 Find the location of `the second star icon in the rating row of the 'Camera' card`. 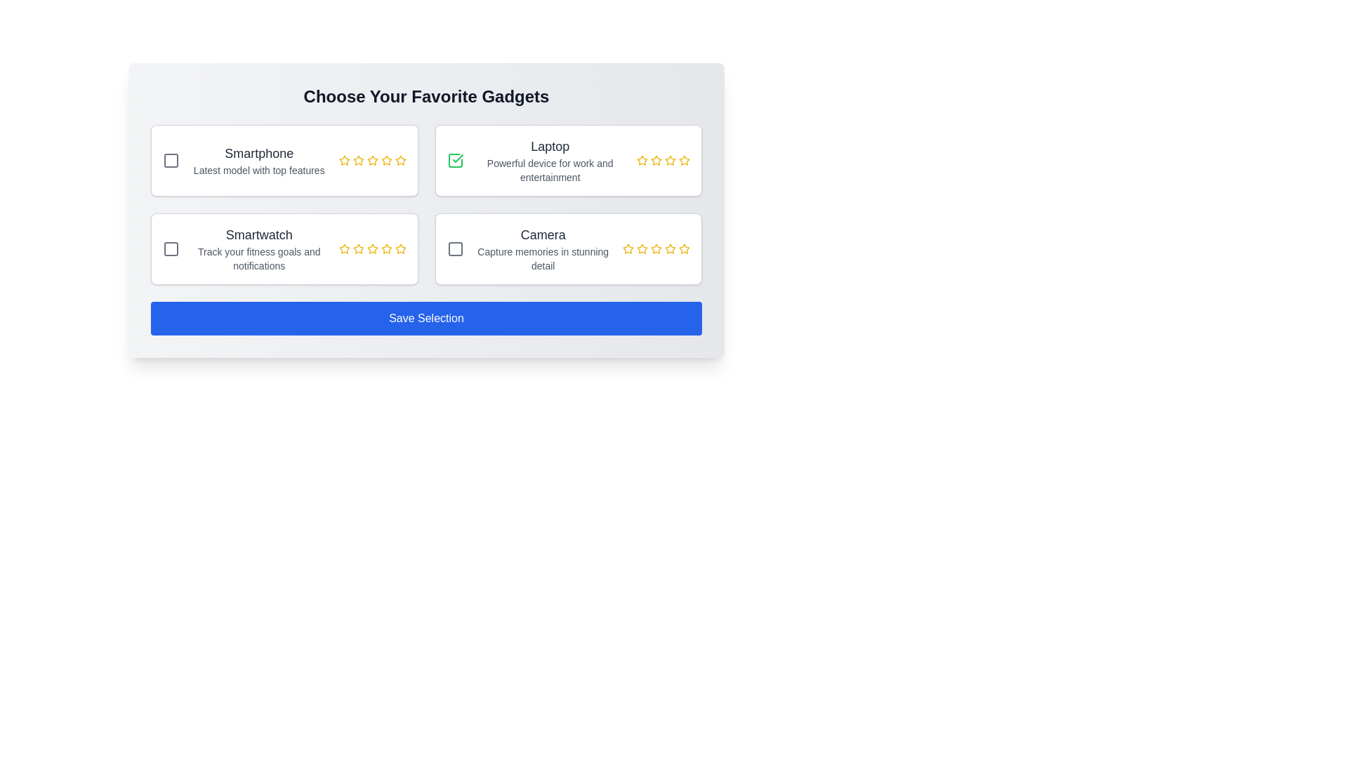

the second star icon in the rating row of the 'Camera' card is located at coordinates (642, 248).